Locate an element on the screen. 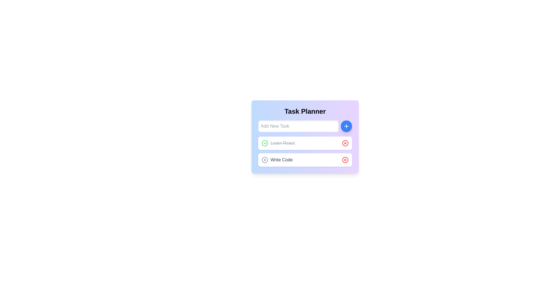 This screenshot has width=536, height=301. the icons of the 'Write Code' task item in the task management interface is located at coordinates (305, 160).